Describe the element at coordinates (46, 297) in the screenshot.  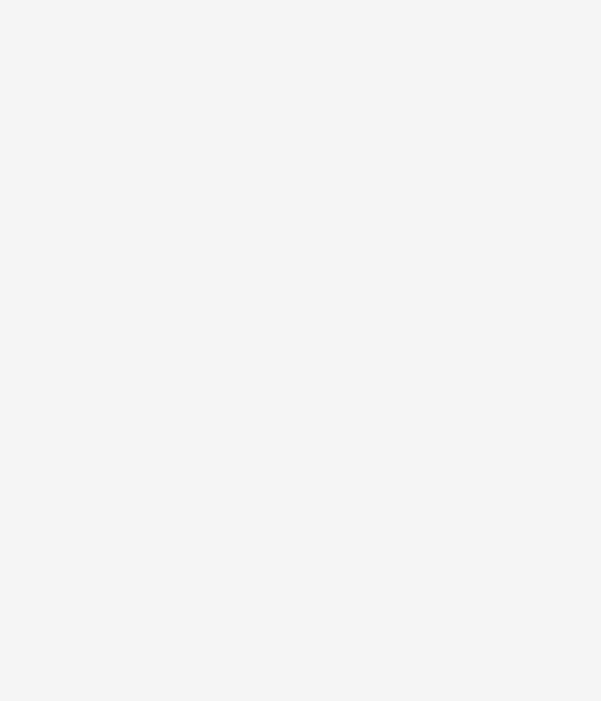
I see `'Calisson d’Aix a Sweet Almond Candy for a Queen of Provence'` at that location.